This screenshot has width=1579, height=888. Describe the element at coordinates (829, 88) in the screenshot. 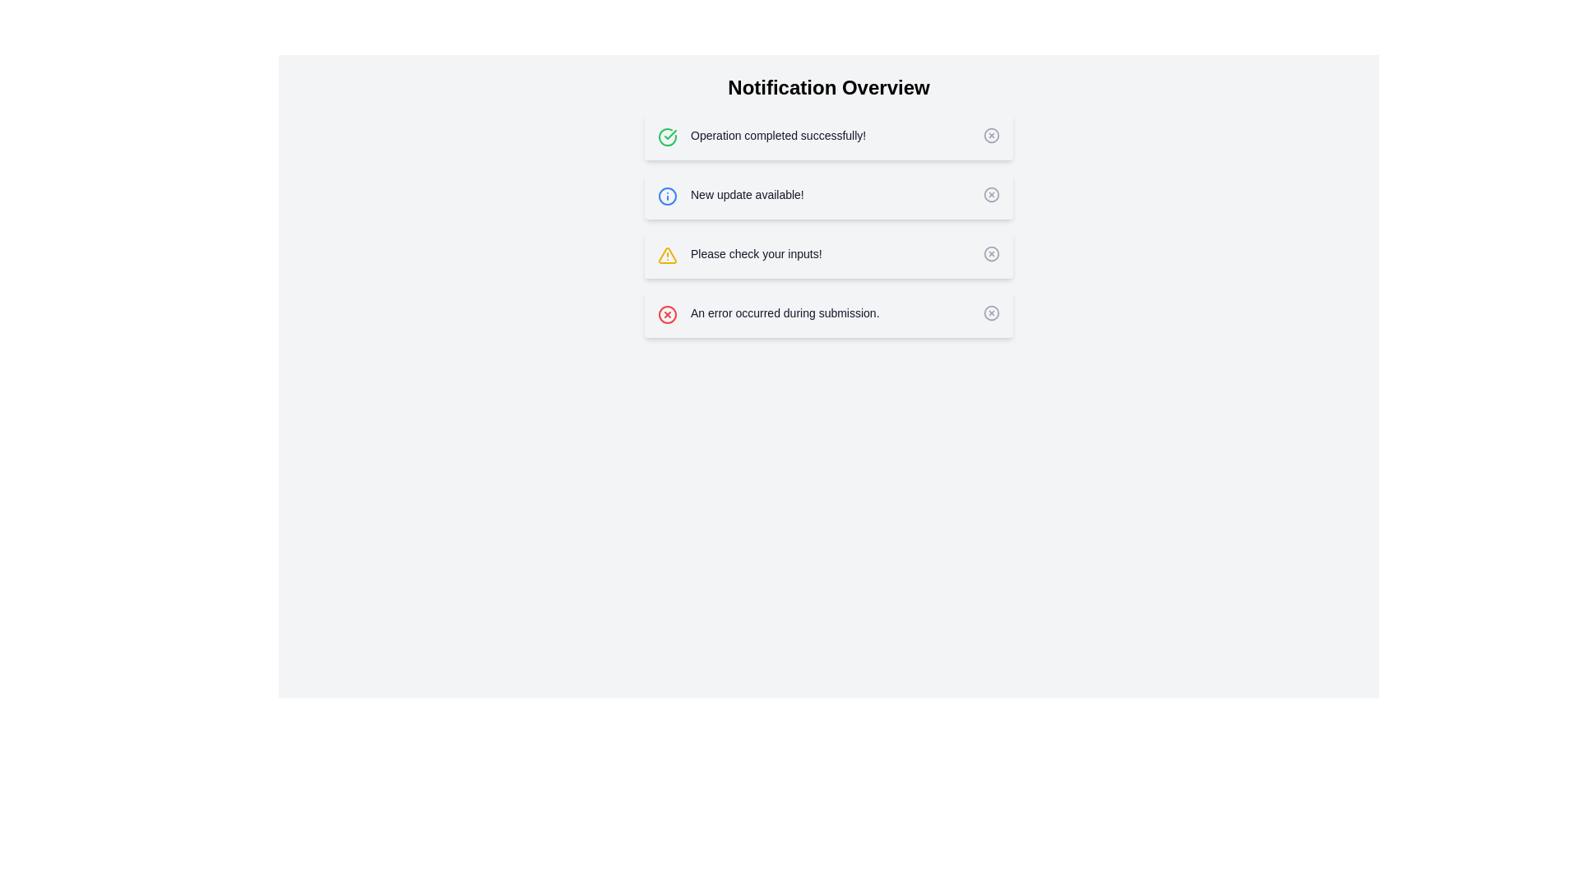

I see `heading text located at the top of the notification section, which serves as a header or title for the contained items` at that location.